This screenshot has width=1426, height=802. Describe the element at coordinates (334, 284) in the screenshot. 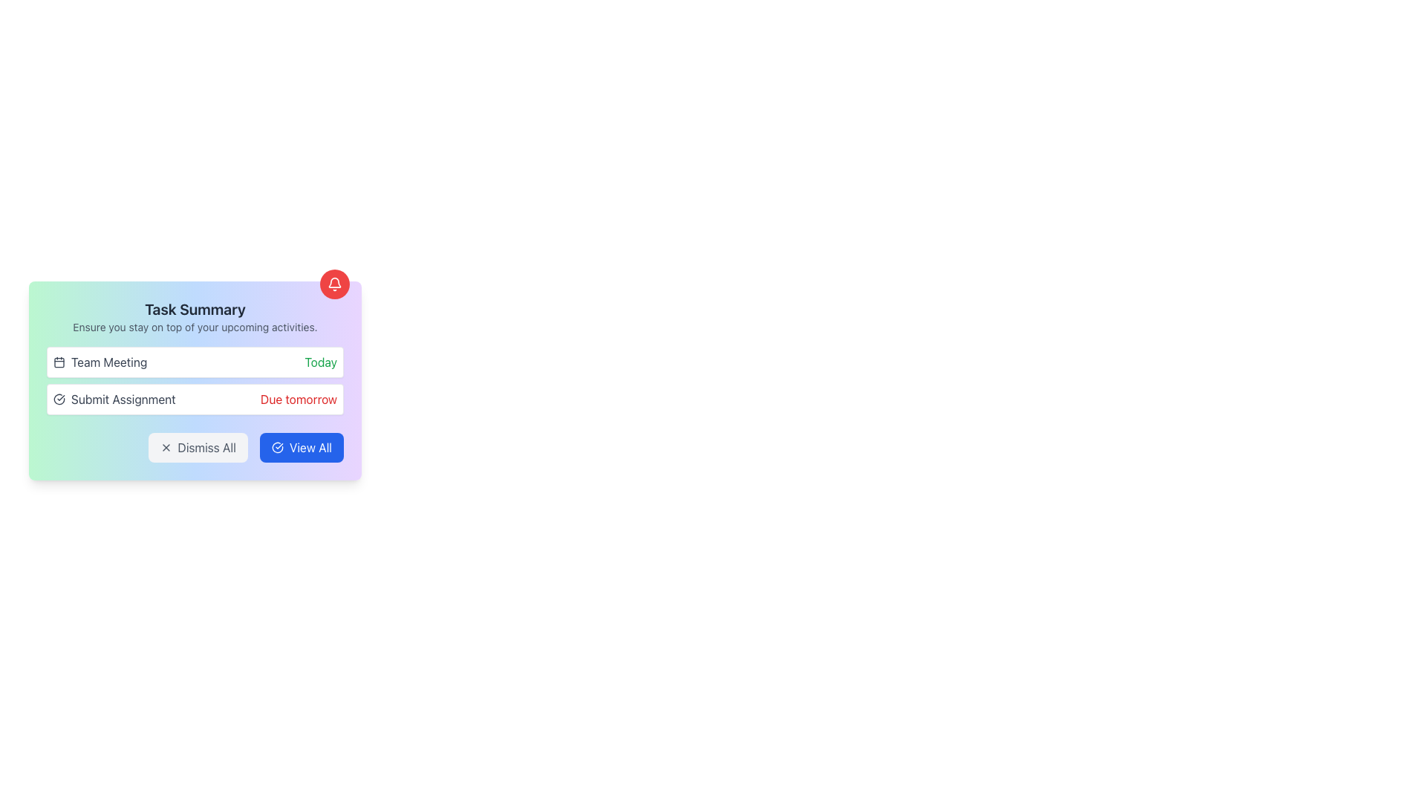

I see `the bell-shaped icon with a red background located in the top-right corner of the 'Task Summary' panel` at that location.